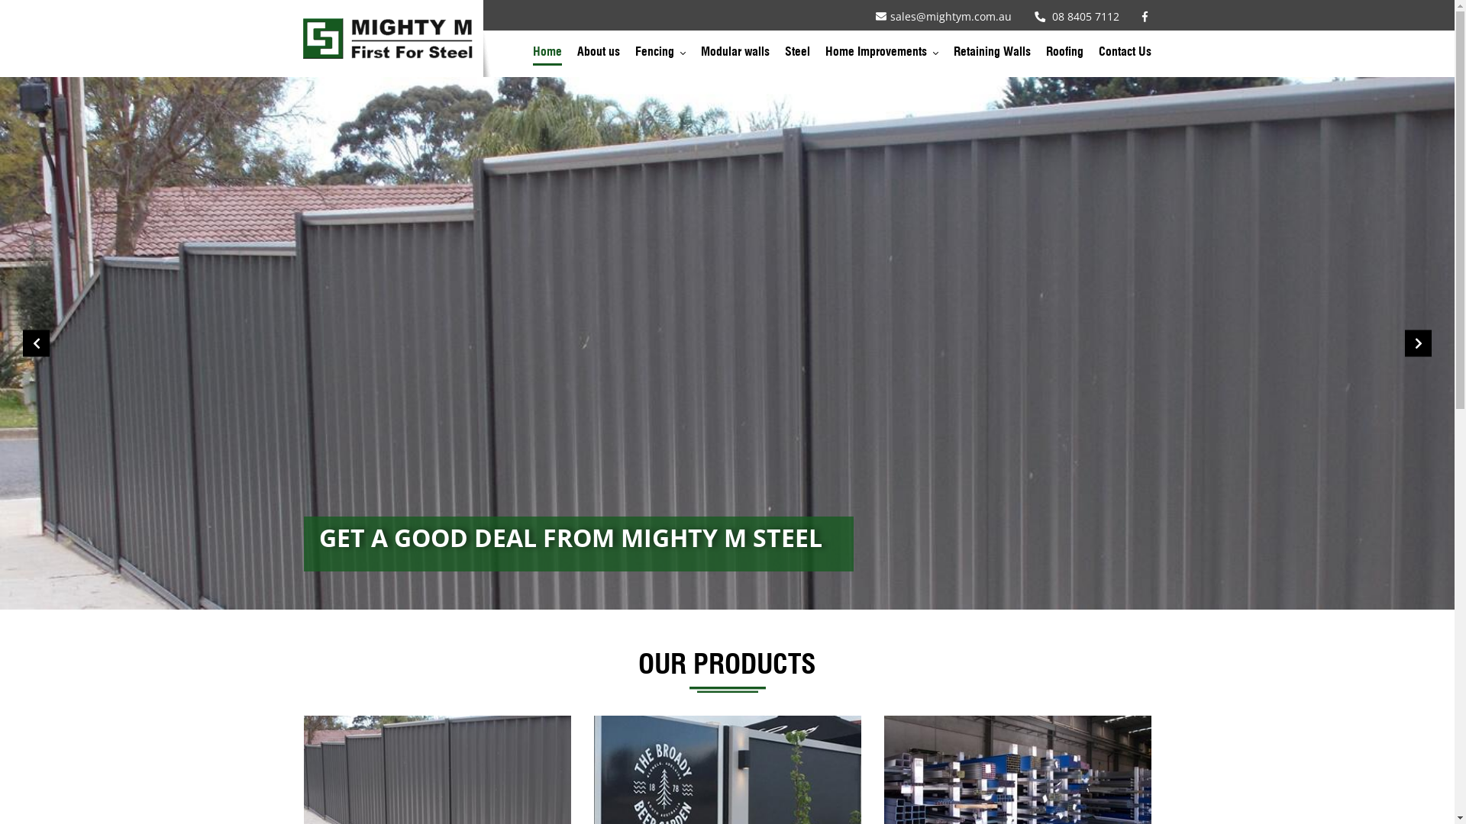  Describe the element at coordinates (1124, 55) in the screenshot. I see `'Contact Us'` at that location.